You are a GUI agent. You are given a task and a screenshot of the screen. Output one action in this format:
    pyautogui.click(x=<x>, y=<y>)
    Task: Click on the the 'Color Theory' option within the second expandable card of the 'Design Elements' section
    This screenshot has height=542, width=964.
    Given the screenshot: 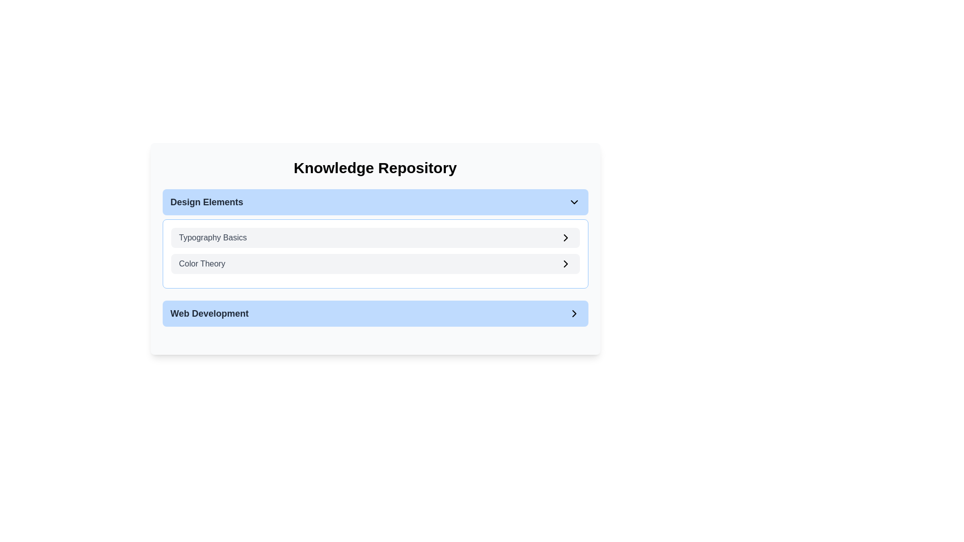 What is the action you would take?
    pyautogui.click(x=375, y=253)
    